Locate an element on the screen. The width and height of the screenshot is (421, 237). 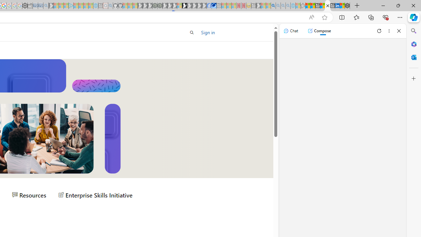
'Sign in' is located at coordinates (208, 32).